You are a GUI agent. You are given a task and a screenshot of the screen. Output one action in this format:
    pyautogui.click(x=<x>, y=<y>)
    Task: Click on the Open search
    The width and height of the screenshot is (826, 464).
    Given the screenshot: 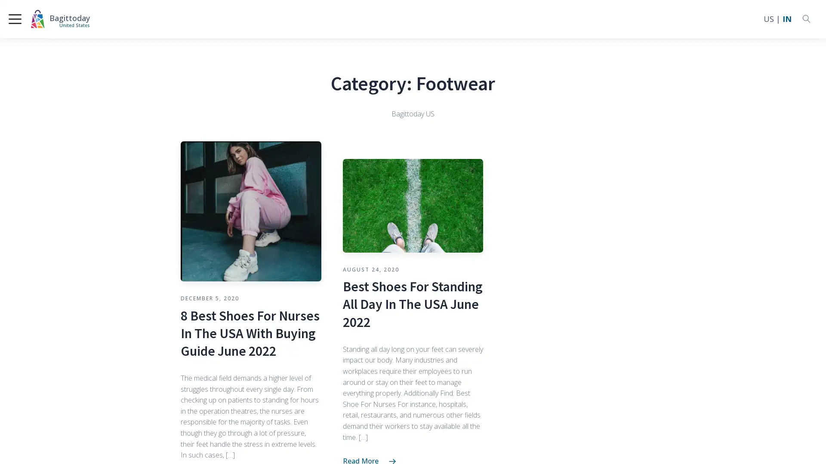 What is the action you would take?
    pyautogui.click(x=806, y=18)
    